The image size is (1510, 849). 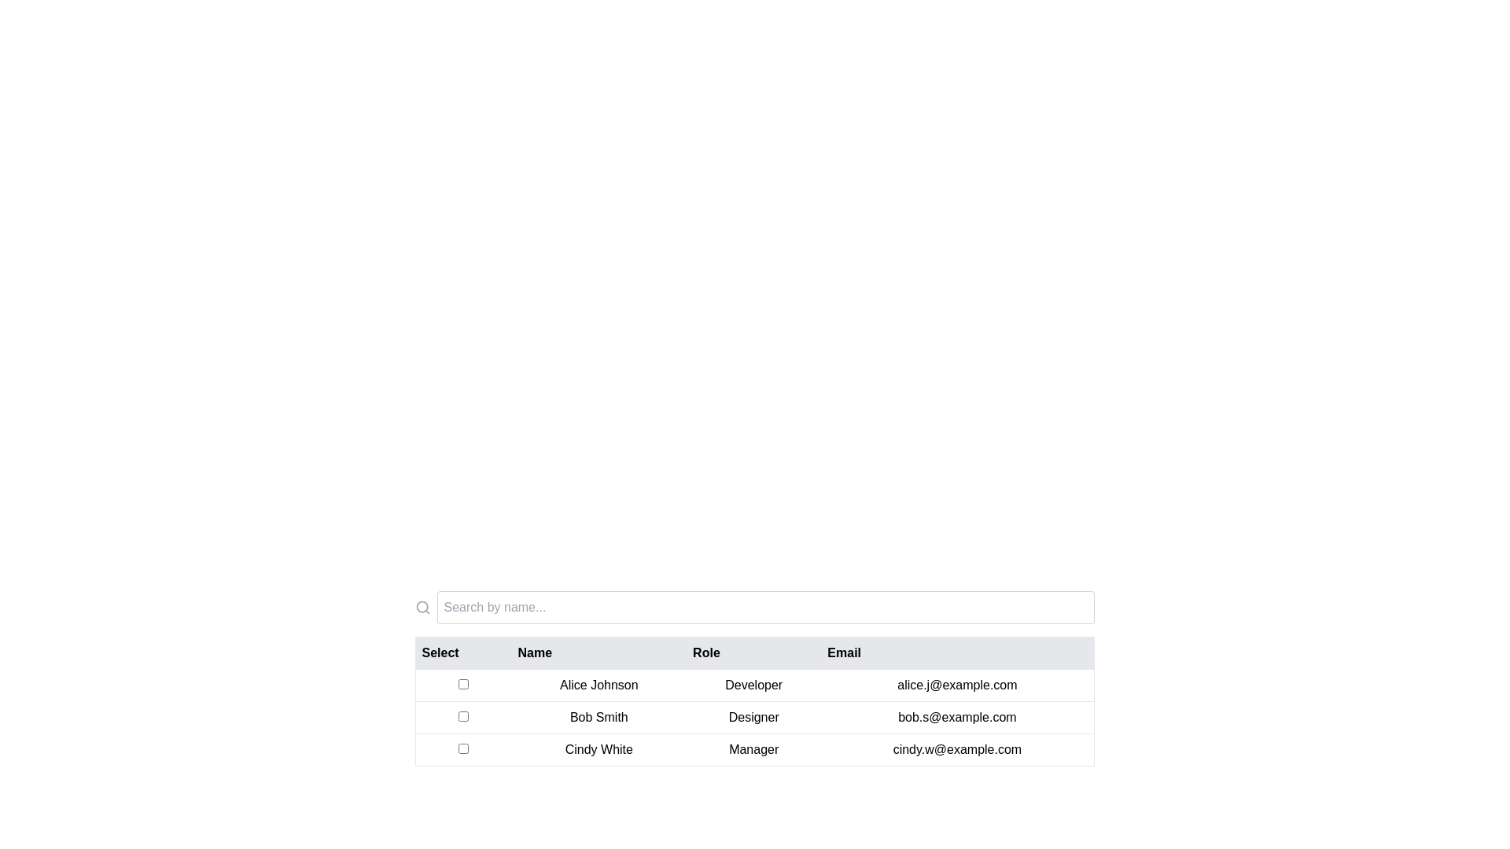 What do you see at coordinates (753, 748) in the screenshot?
I see `on the third row of the table displaying individual data, which includes name, role, and email` at bounding box center [753, 748].